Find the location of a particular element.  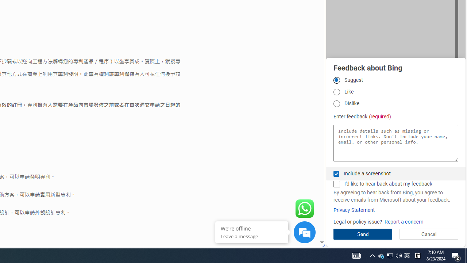

'Cancel' is located at coordinates (429, 234).